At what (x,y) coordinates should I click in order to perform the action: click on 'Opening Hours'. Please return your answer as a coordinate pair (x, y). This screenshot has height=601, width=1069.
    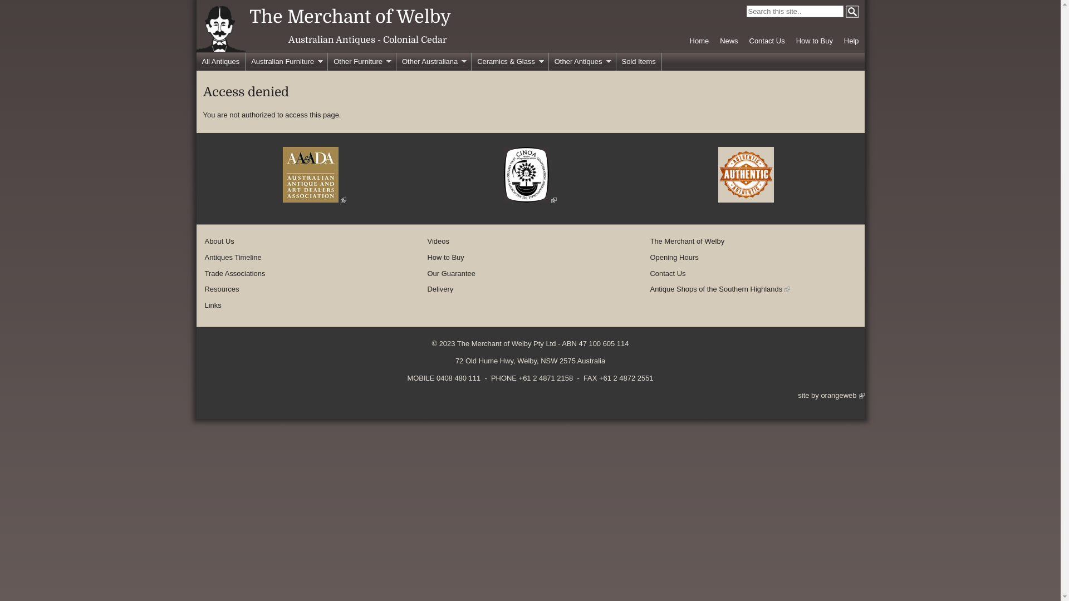
    Looking at the image, I should click on (674, 257).